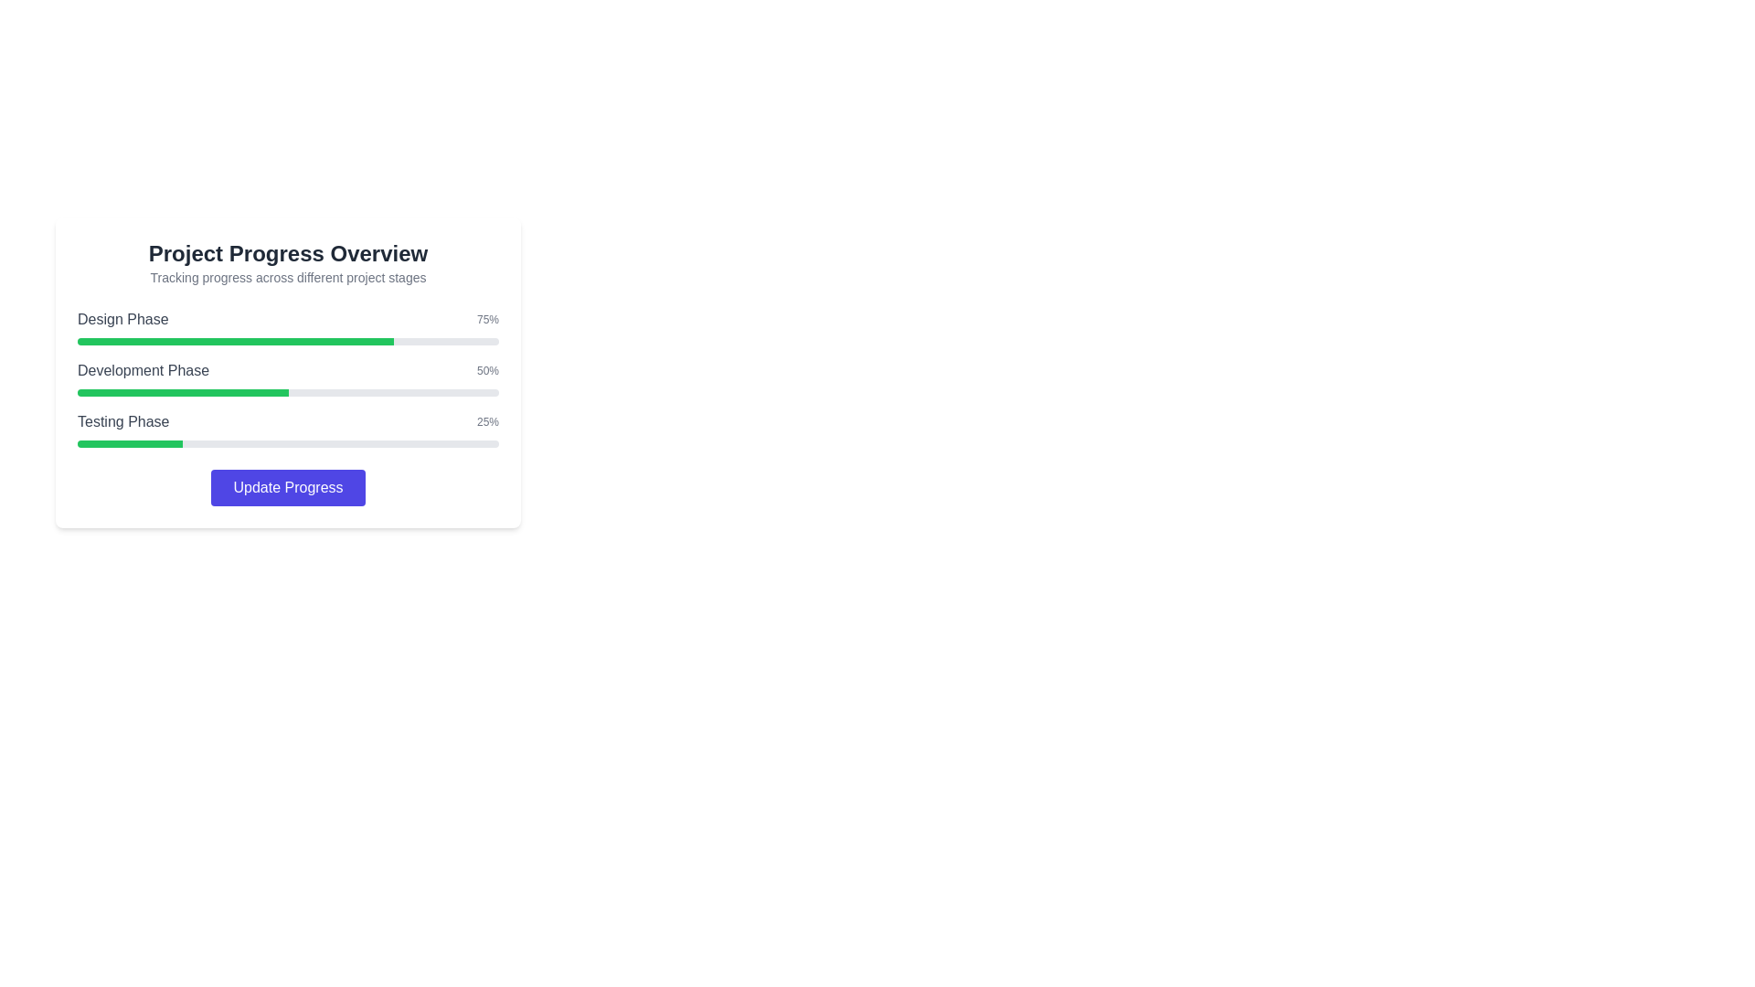  Describe the element at coordinates (122, 422) in the screenshot. I see `the text label displaying 'Testing Phase', which is styled in medium gray and positioned to the left of the progress bar and percentage label` at that location.